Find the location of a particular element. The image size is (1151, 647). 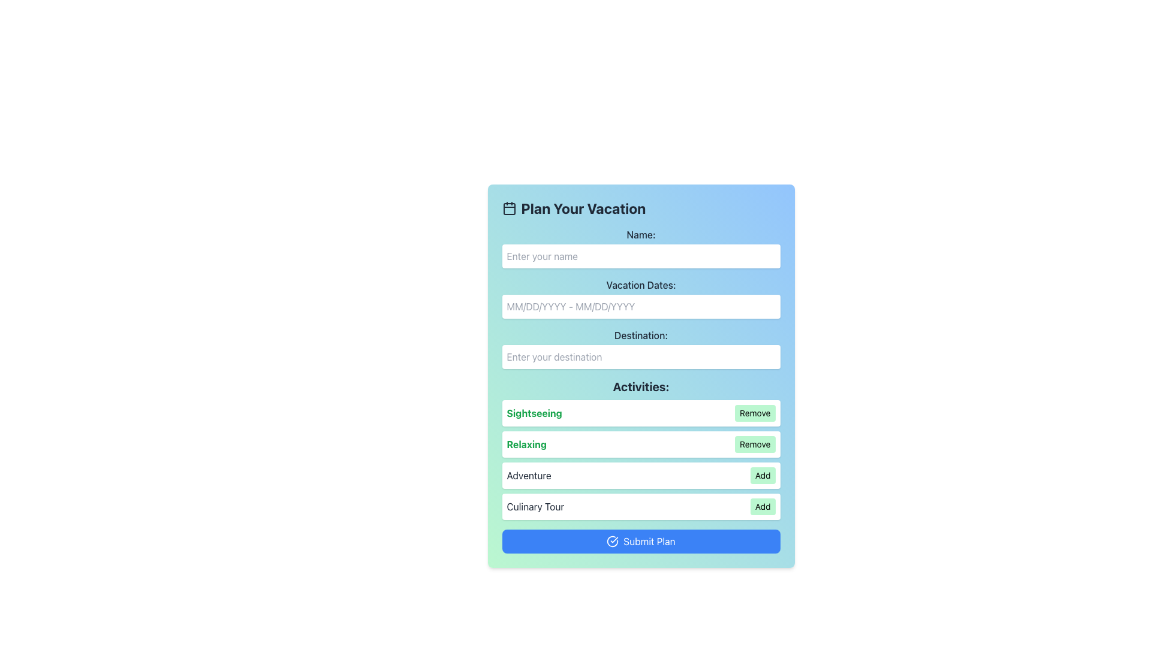

the header text 'Plan Your Vacation' which features a decorative calendar icon on its left, positioned at the top of the interface is located at coordinates (640, 207).